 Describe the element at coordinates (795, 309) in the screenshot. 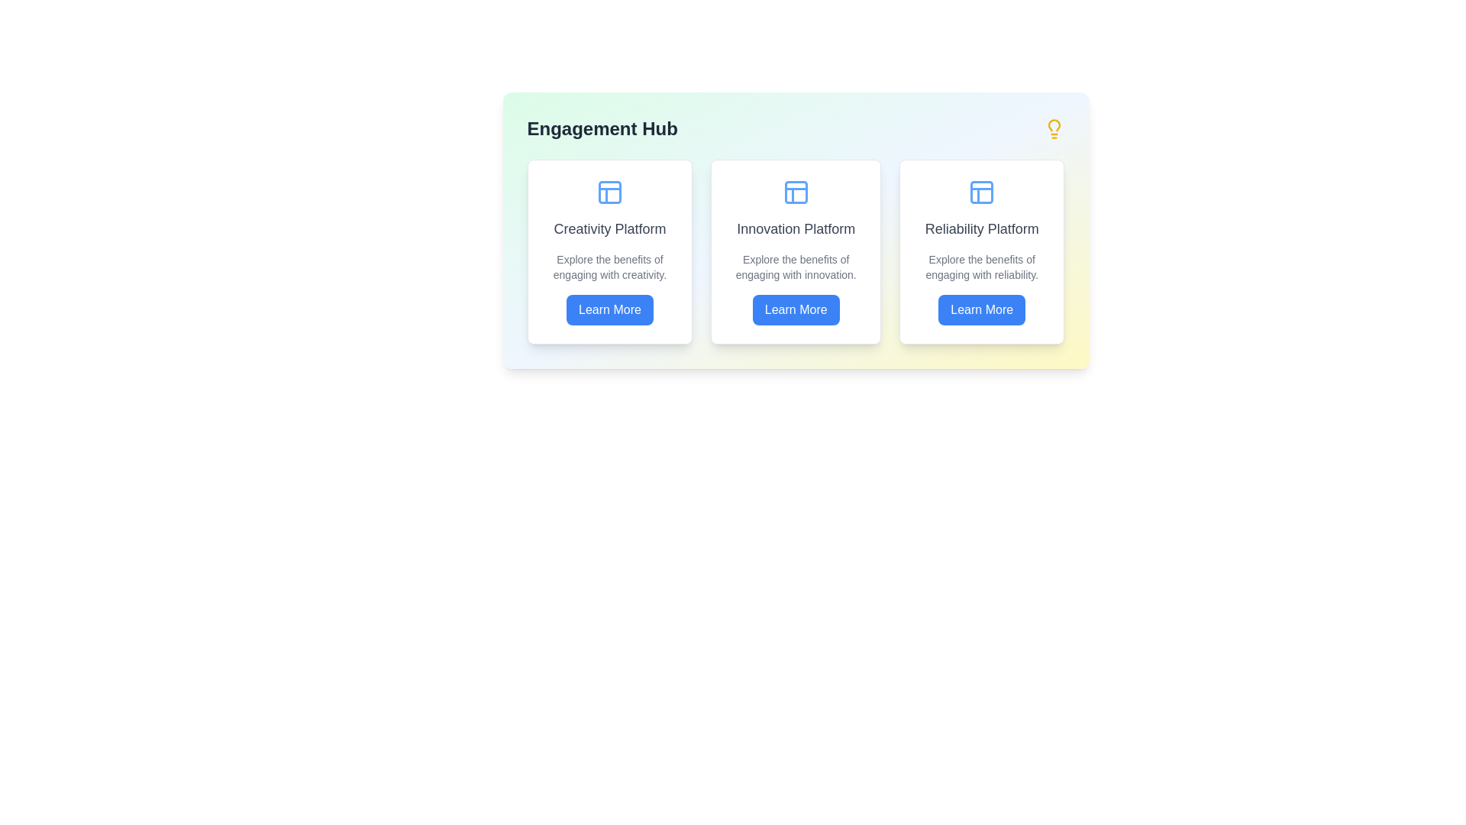

I see `the call-to-action button for the 'Innovation Platform' to change its visual state` at that location.